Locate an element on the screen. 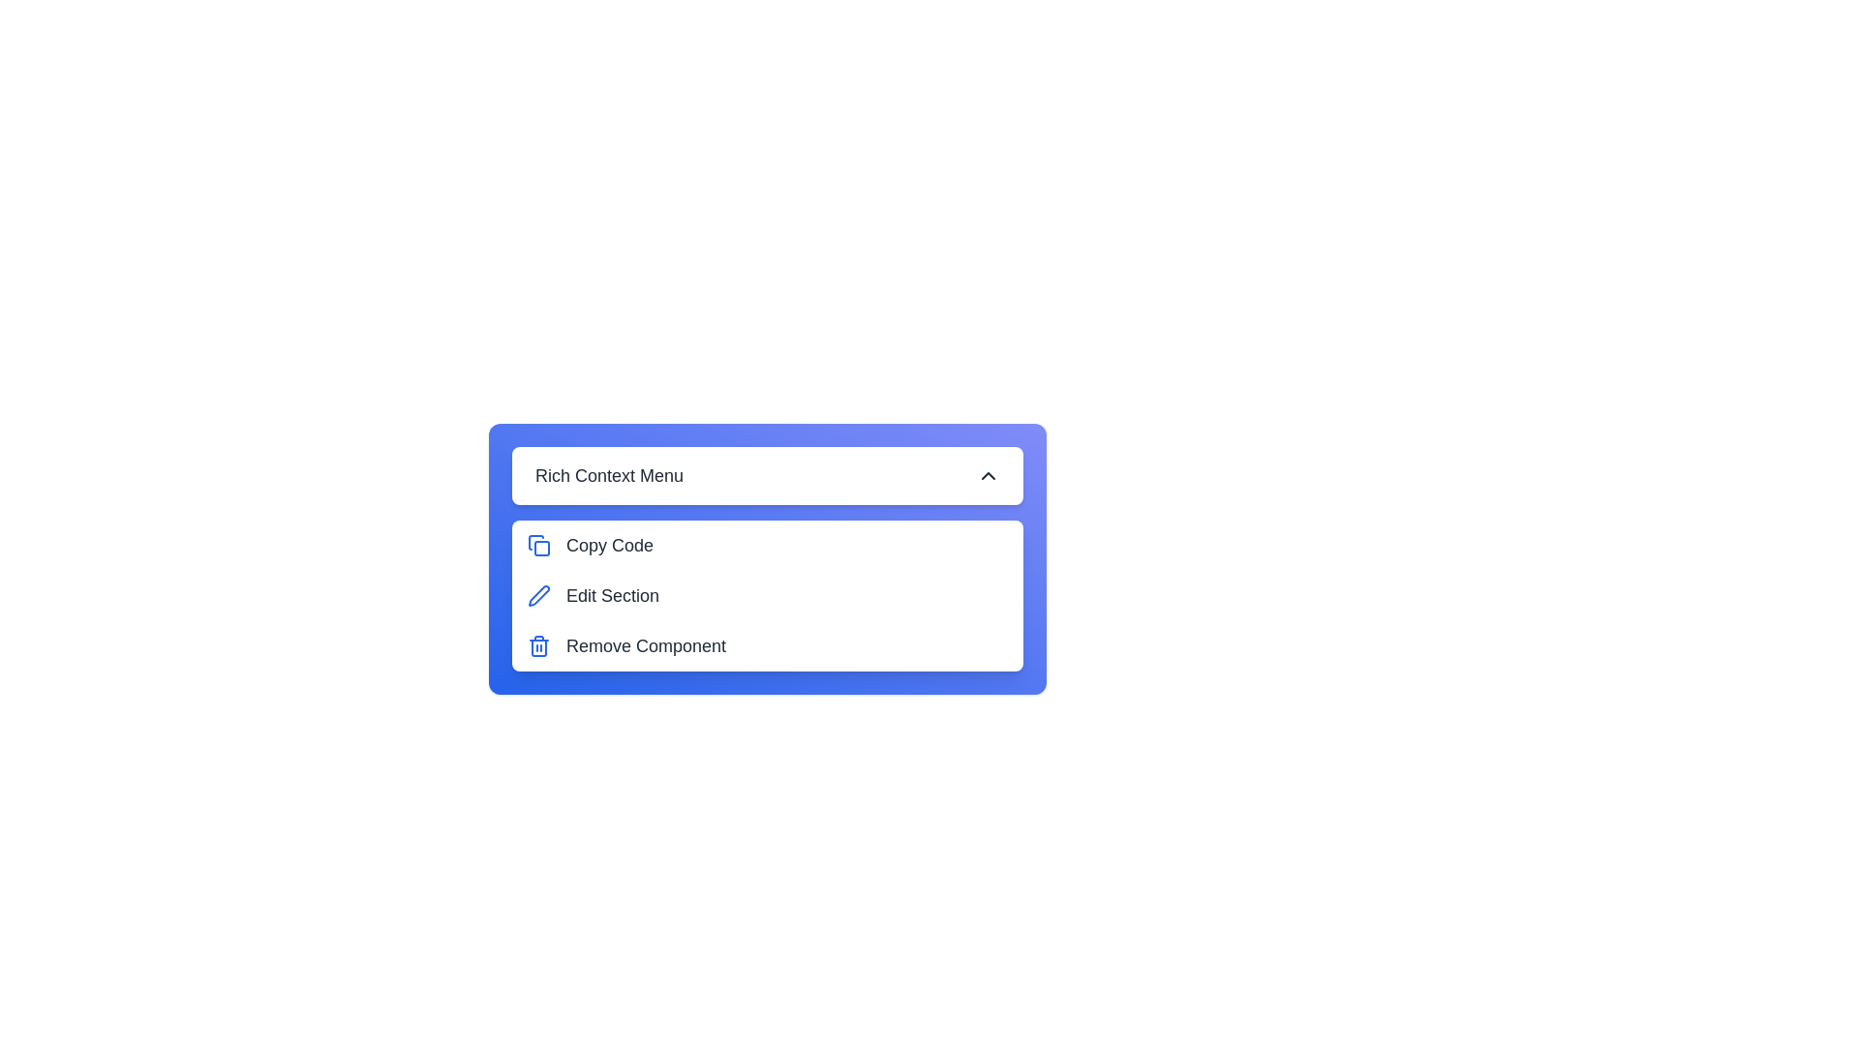 This screenshot has width=1859, height=1045. the 'Remove Component' option in the menu is located at coordinates (766, 645).